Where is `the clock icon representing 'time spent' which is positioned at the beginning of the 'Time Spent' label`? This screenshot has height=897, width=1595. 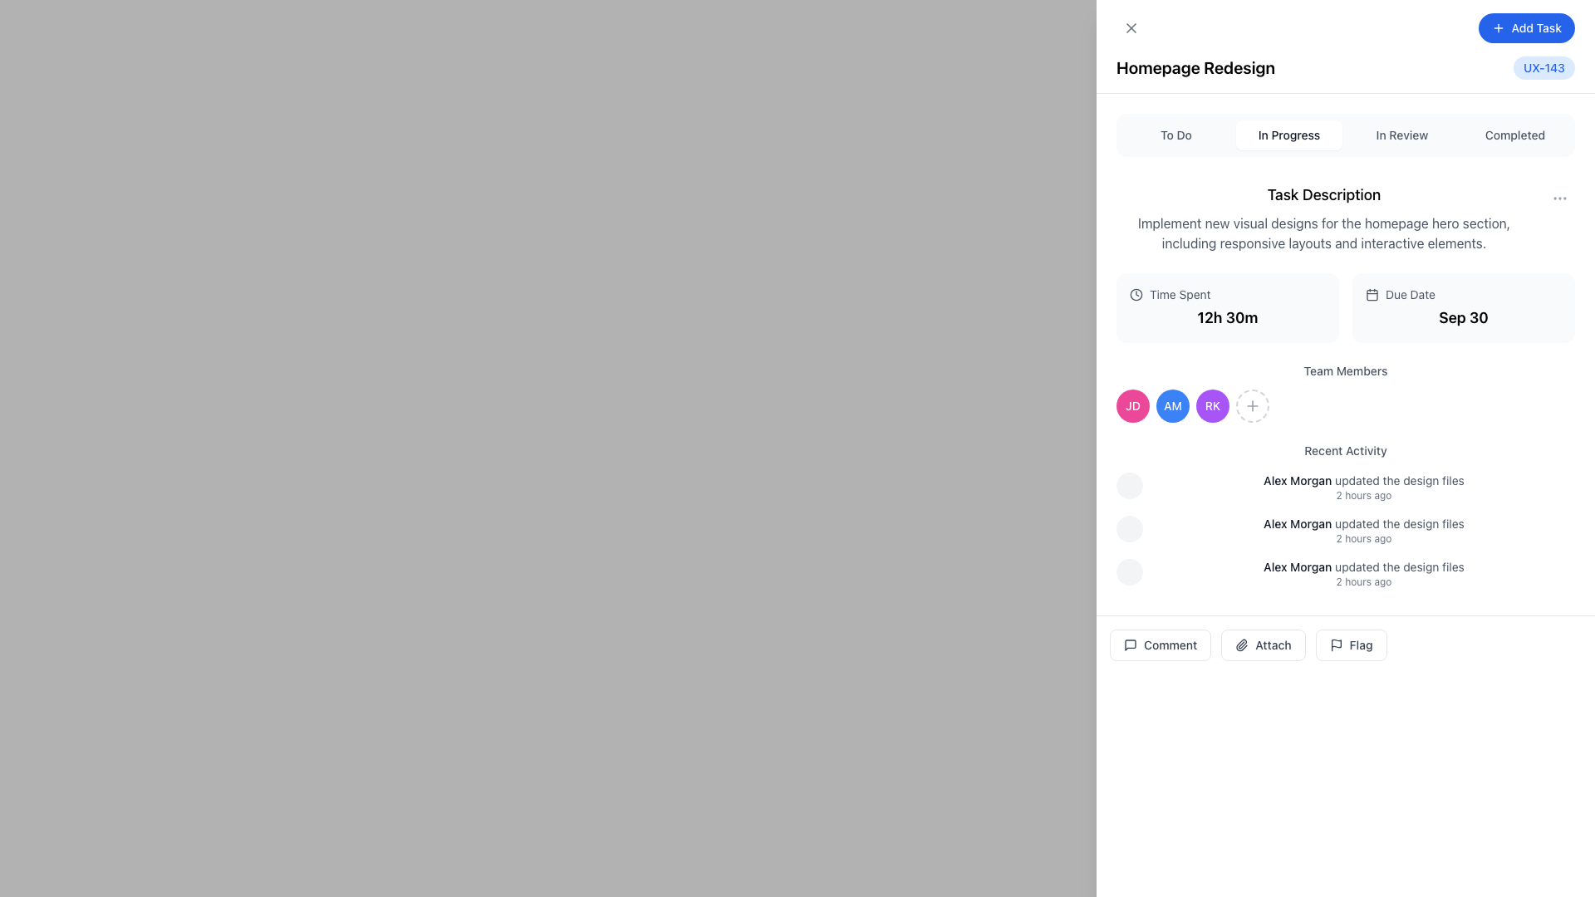 the clock icon representing 'time spent' which is positioned at the beginning of the 'Time Spent' label is located at coordinates (1136, 293).